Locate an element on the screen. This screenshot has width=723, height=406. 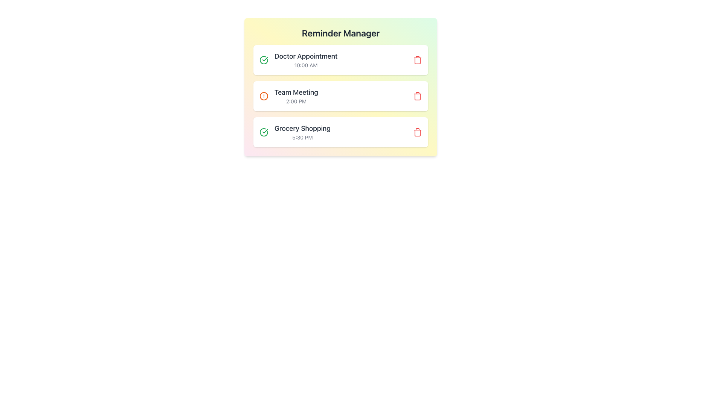
the text label that serves as the title for the second reminder entry in the Reminder Manager, positioned between 'Doctor Appointment' and 'Grocery Shopping', located above the time '2:00 PM' is located at coordinates (296, 92).